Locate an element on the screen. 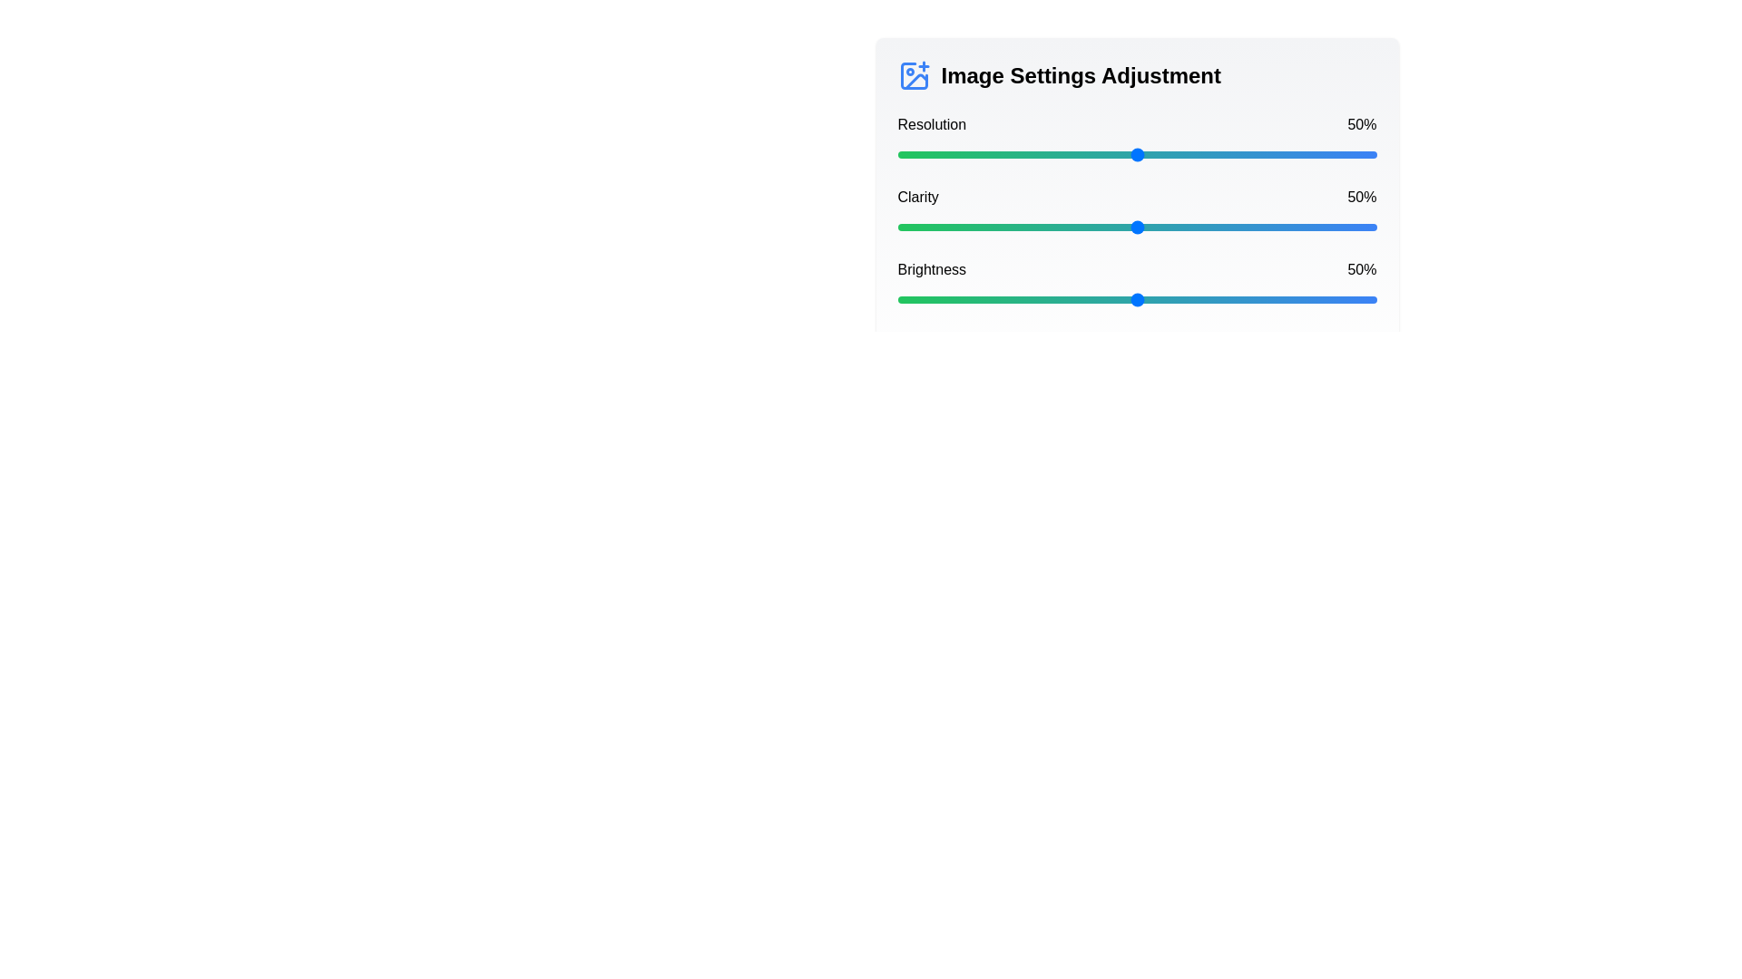  the resolution slider to 2% is located at coordinates (907, 153).